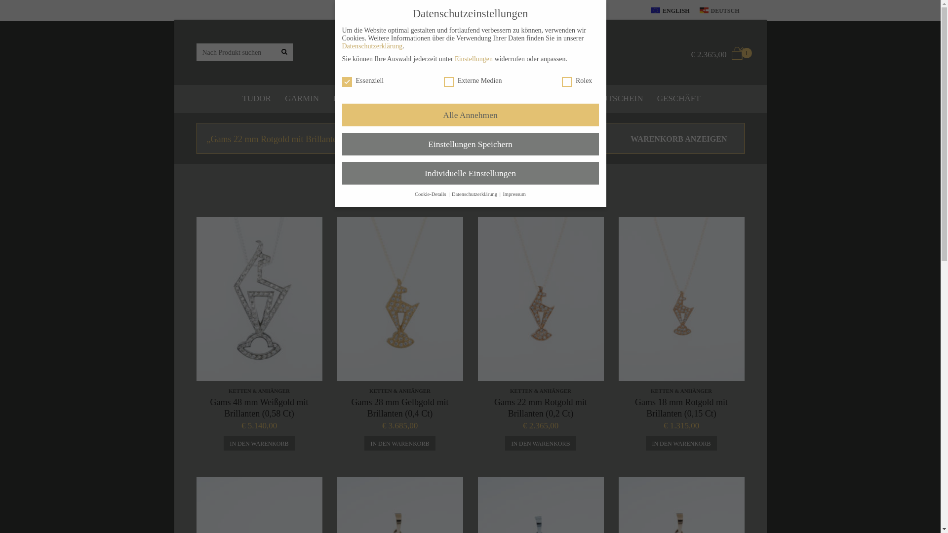  What do you see at coordinates (276, 52) in the screenshot?
I see `'Nach Produkt suchen'` at bounding box center [276, 52].